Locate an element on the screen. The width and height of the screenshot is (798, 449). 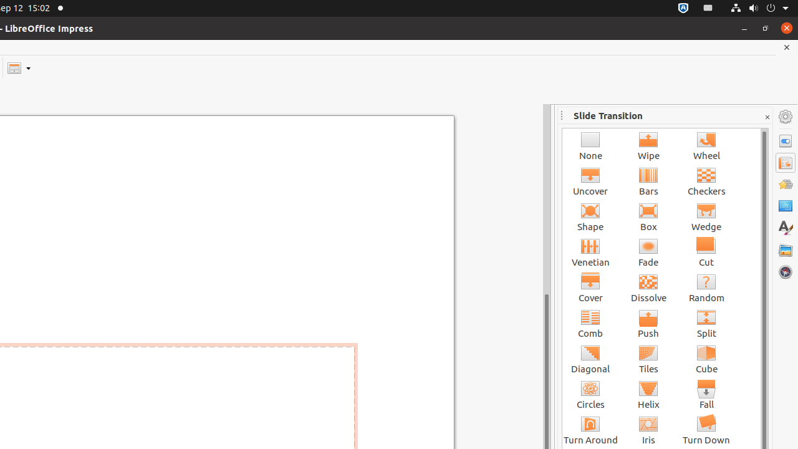
'Bars' is located at coordinates (648, 181).